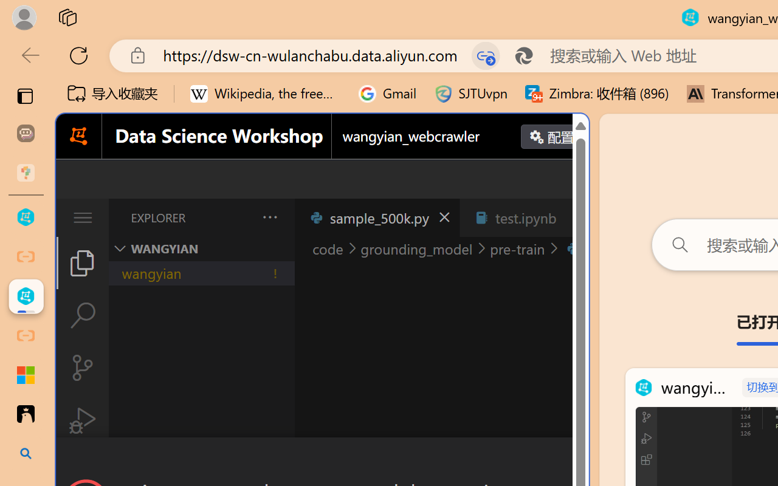 This screenshot has height=486, width=778. What do you see at coordinates (81, 262) in the screenshot?
I see `'Explorer (Ctrl+Shift+E)'` at bounding box center [81, 262].